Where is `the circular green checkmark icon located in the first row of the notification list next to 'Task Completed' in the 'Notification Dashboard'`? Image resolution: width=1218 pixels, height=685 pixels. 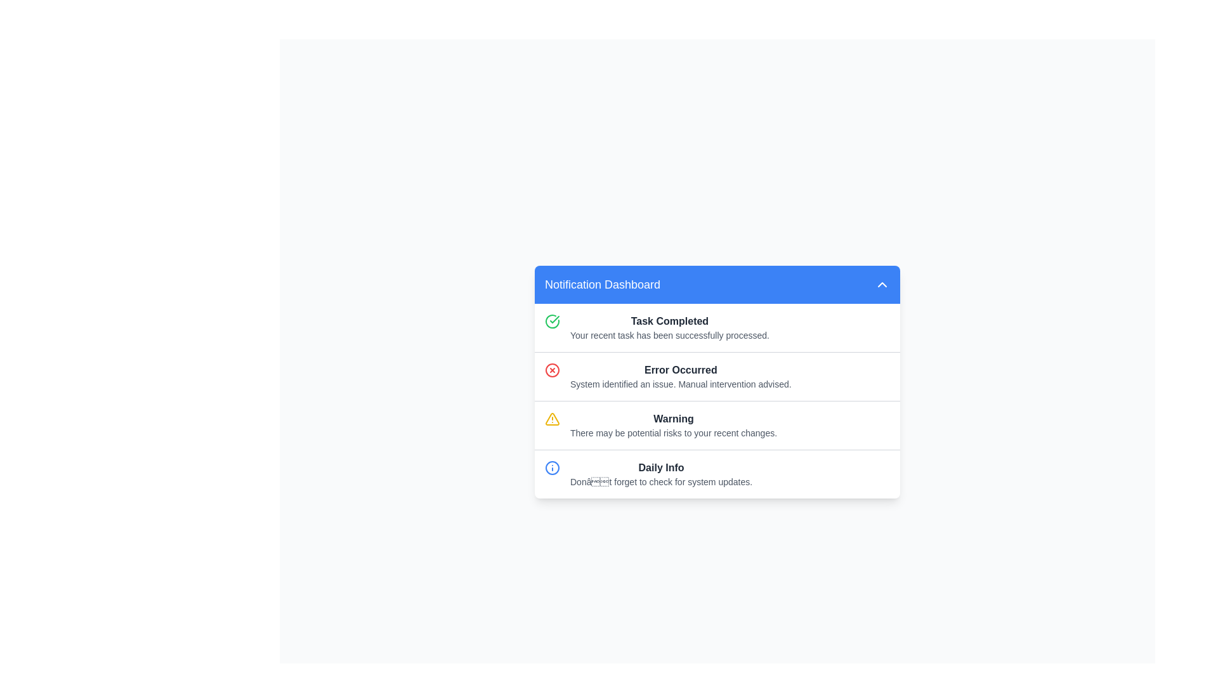
the circular green checkmark icon located in the first row of the notification list next to 'Task Completed' in the 'Notification Dashboard' is located at coordinates (552, 327).